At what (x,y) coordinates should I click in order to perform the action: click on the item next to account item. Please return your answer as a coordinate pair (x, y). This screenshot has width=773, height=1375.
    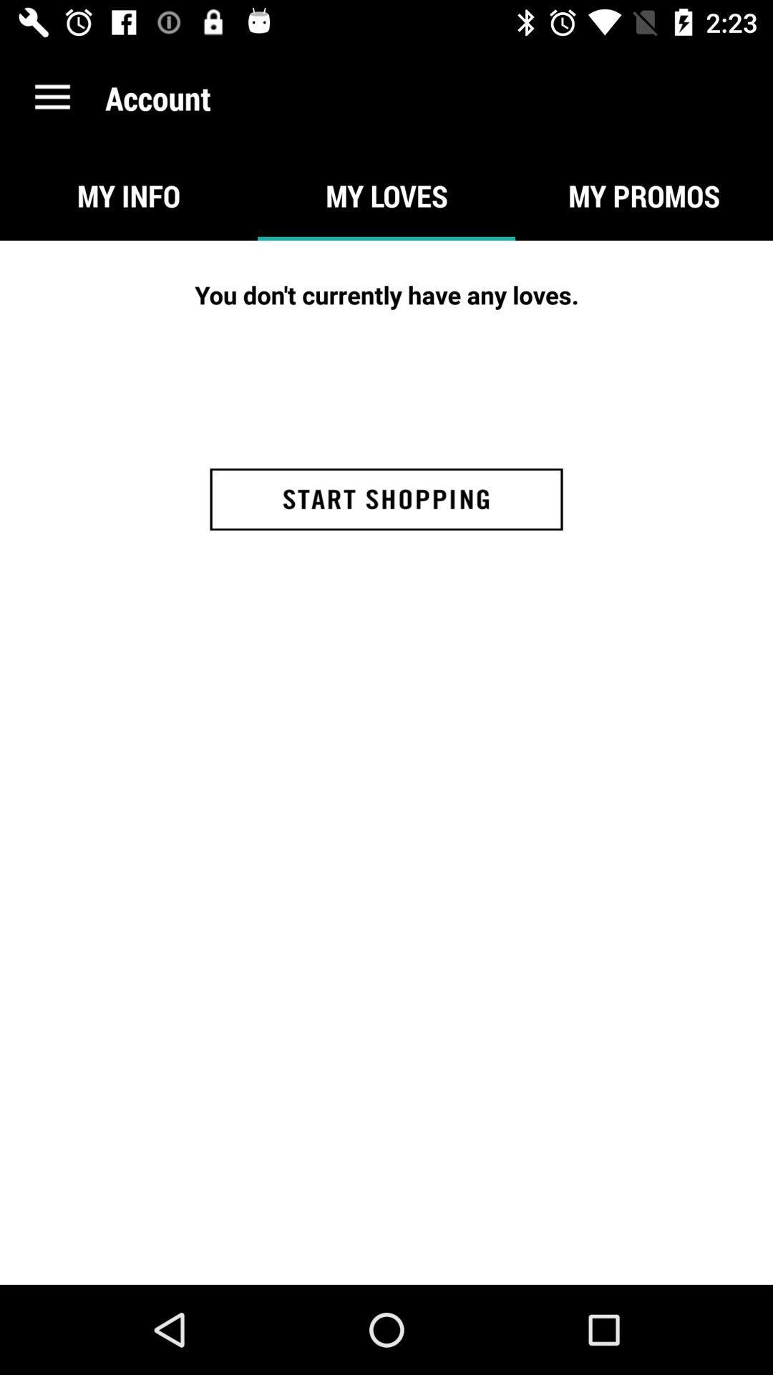
    Looking at the image, I should click on (52, 97).